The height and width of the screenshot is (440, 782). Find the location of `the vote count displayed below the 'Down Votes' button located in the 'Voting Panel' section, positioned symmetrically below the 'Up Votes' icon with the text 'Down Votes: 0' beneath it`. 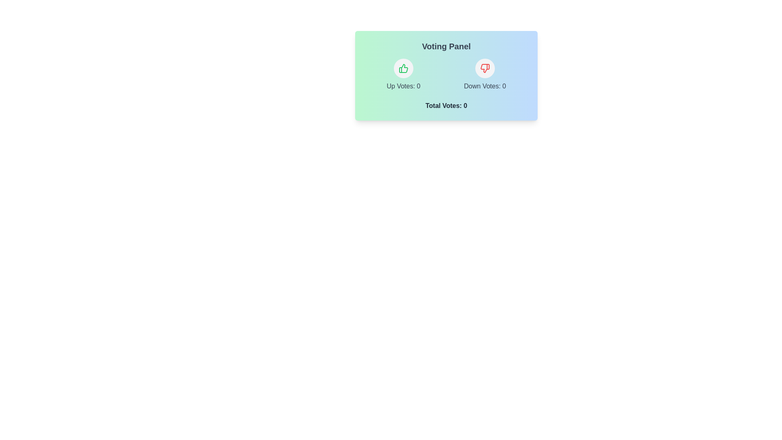

the vote count displayed below the 'Down Votes' button located in the 'Voting Panel' section, positioned symmetrically below the 'Up Votes' icon with the text 'Down Votes: 0' beneath it is located at coordinates (485, 75).